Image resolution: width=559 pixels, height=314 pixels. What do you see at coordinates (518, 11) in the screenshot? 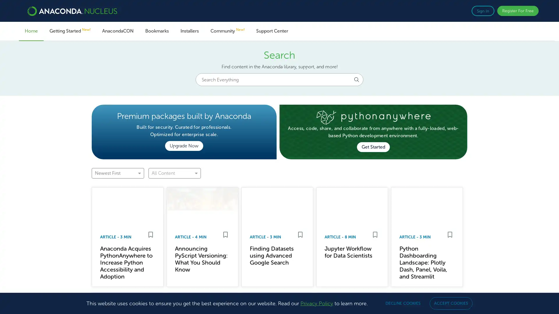
I see `Register For Free` at bounding box center [518, 11].